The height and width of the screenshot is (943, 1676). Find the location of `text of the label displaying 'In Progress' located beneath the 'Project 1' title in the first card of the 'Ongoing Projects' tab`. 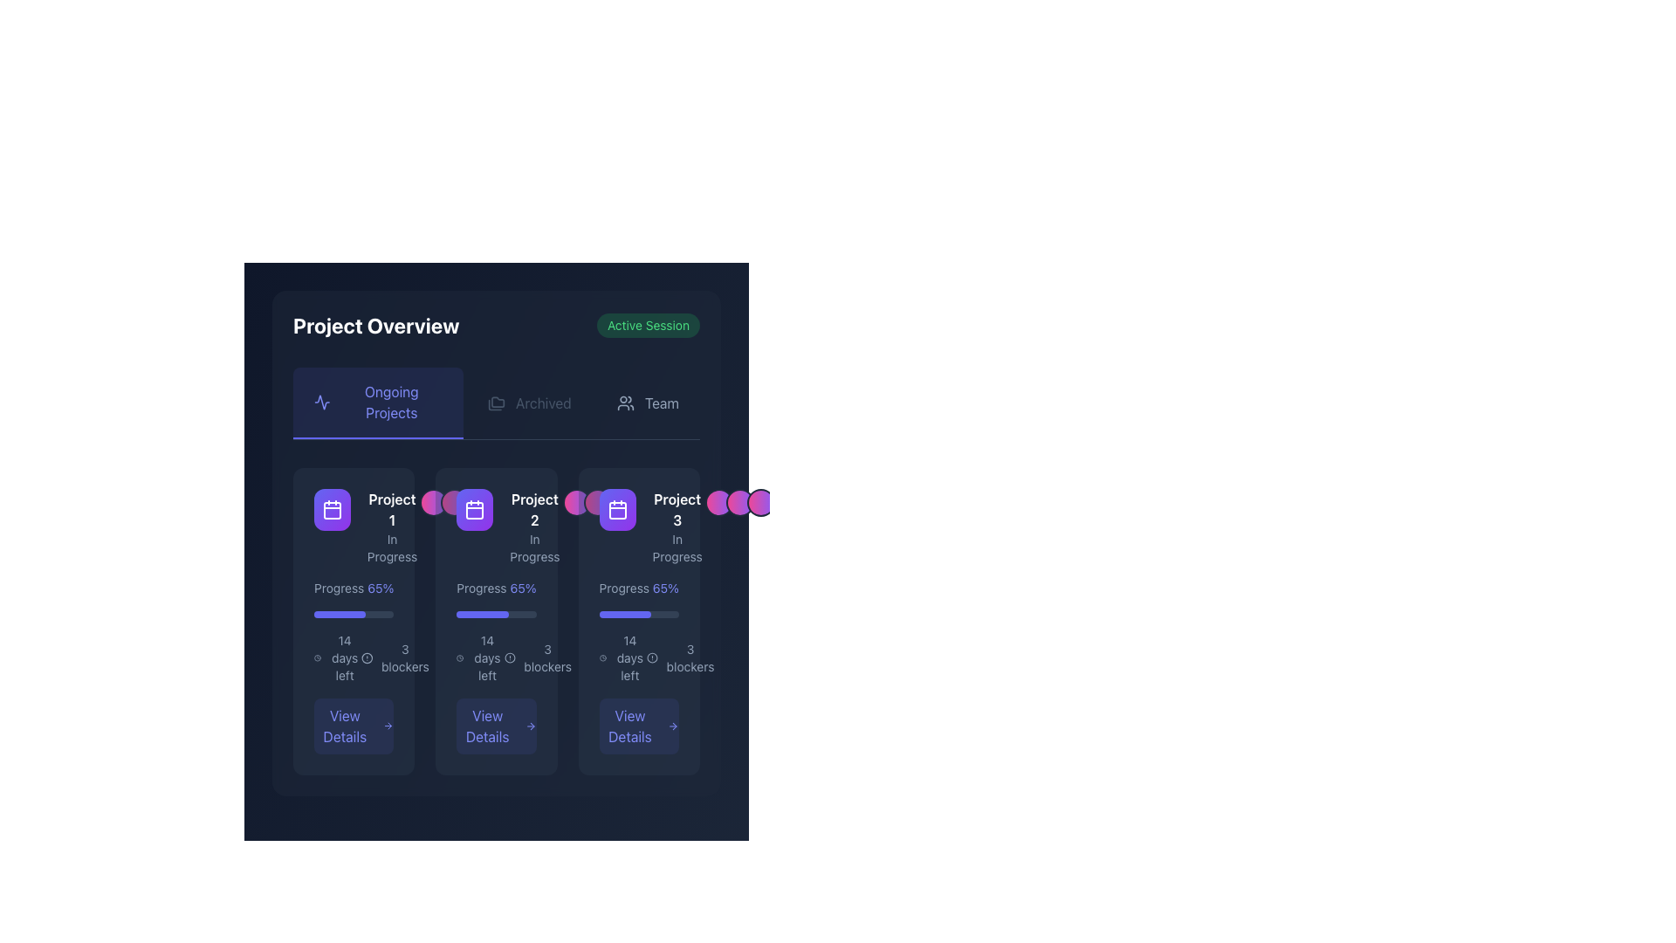

text of the label displaying 'In Progress' located beneath the 'Project 1' title in the first card of the 'Ongoing Projects' tab is located at coordinates (391, 547).